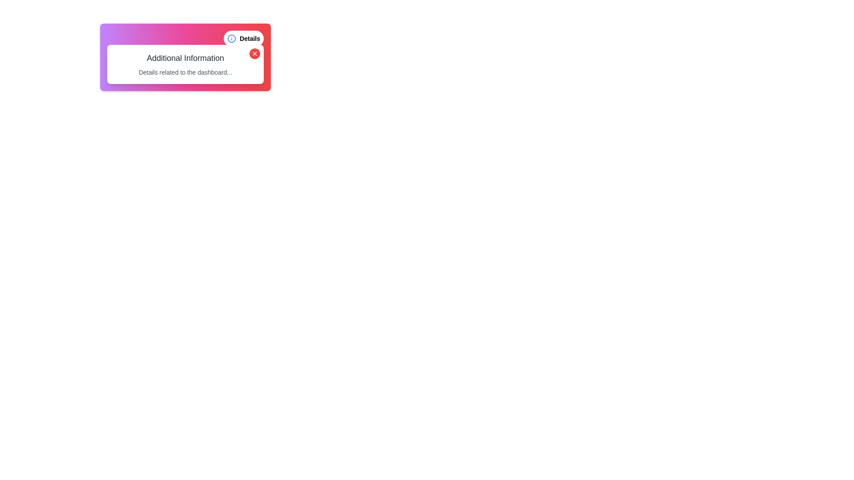  What do you see at coordinates (232, 38) in the screenshot?
I see `the outlined circular vector graphic element located in the top-right corner of the notification-like box, which is part of an icon resembling an information or alert symbol` at bounding box center [232, 38].